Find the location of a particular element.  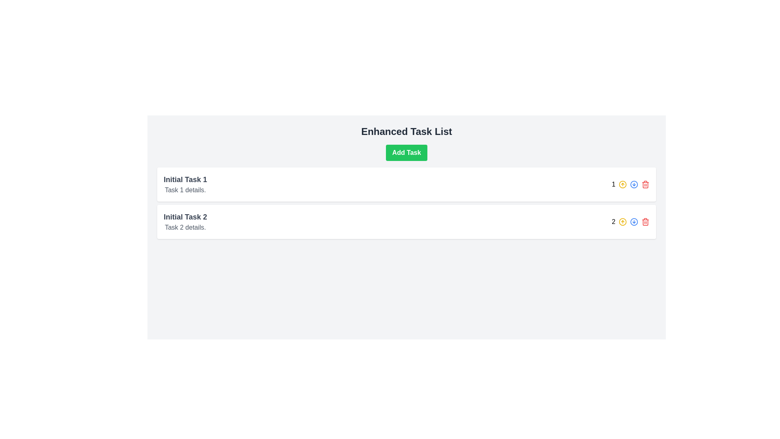

the outermost SVG circle that serves as a decorative background for the arrow icon, located at the far right of the task list row is located at coordinates (633, 222).